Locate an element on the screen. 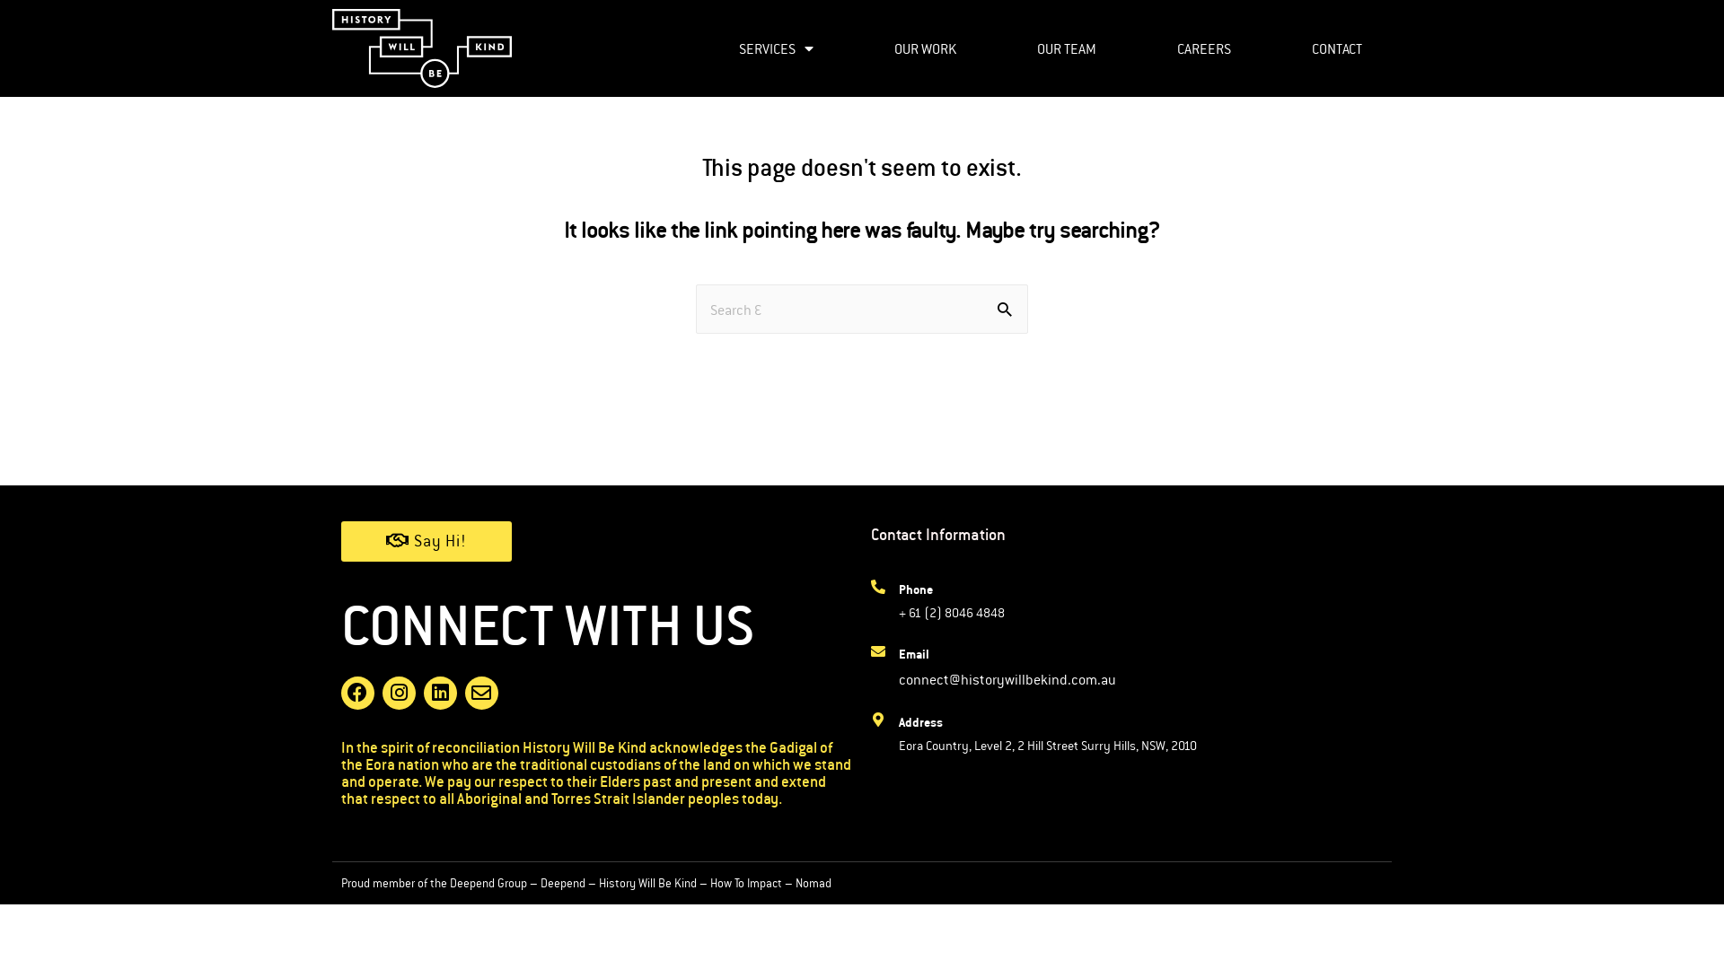  'OUR WORK' is located at coordinates (865, 48).